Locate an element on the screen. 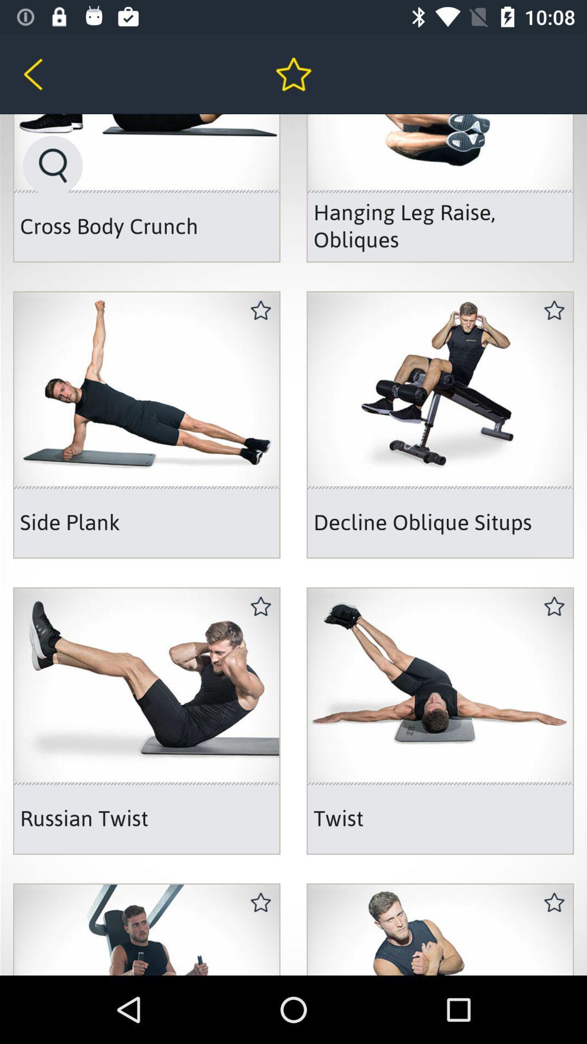 The image size is (587, 1044). the image russian twist is located at coordinates (147, 720).